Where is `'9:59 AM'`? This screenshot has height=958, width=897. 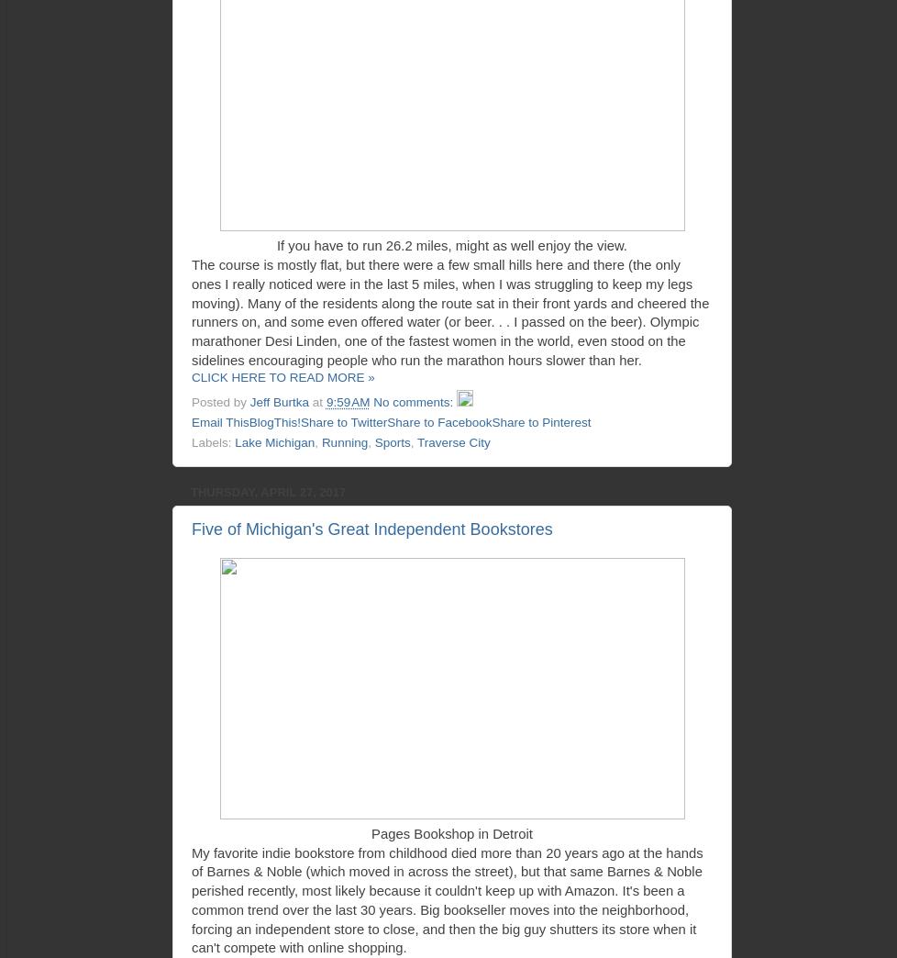 '9:59 AM' is located at coordinates (346, 401).